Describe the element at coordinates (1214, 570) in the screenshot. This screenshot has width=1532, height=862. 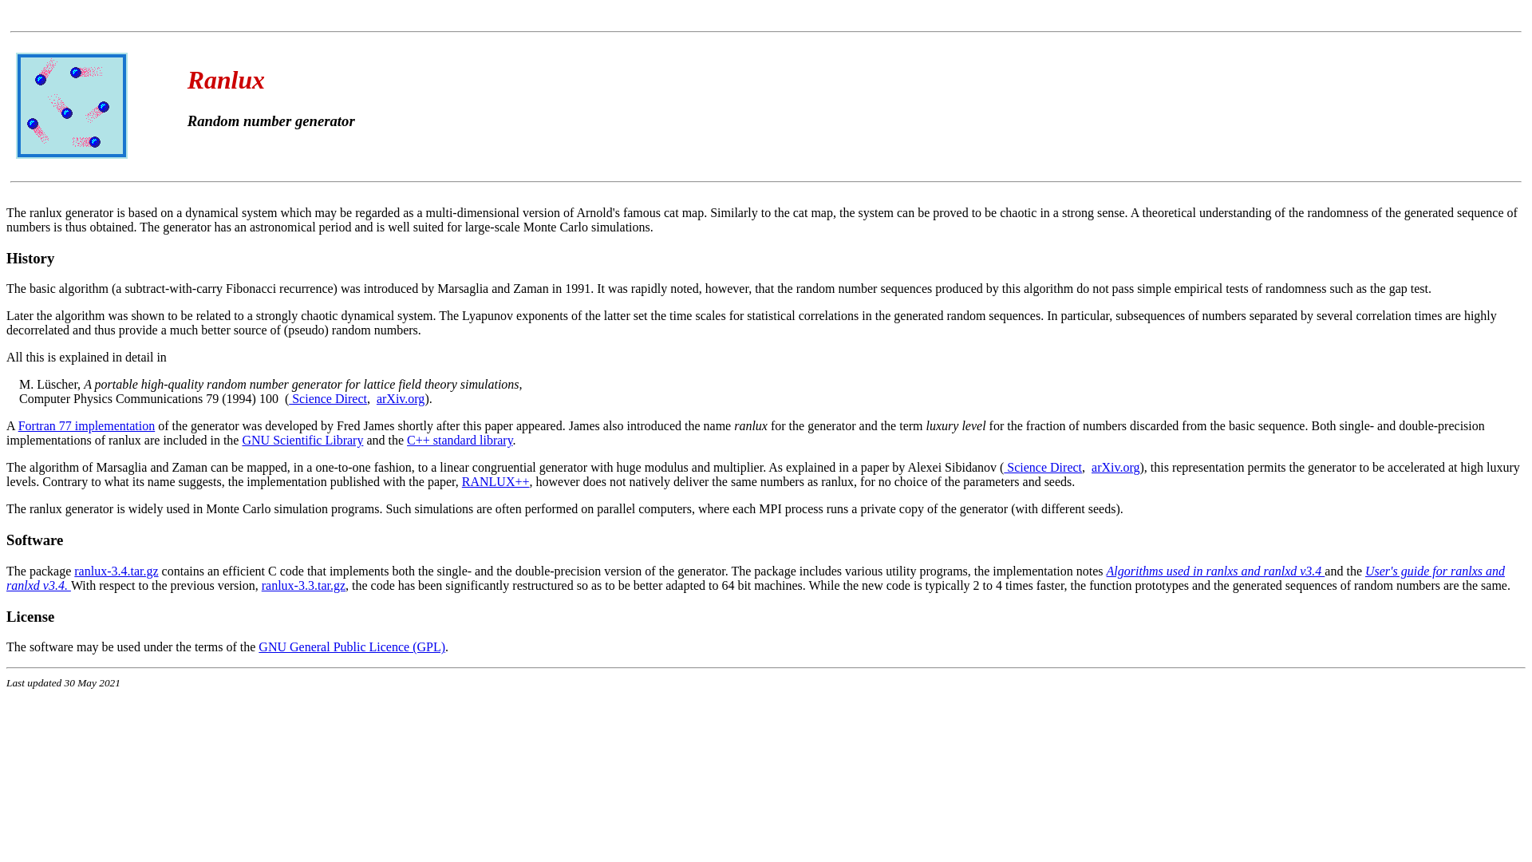
I see `'Algorithms used in ranlxs and ranlxd v3.4'` at that location.